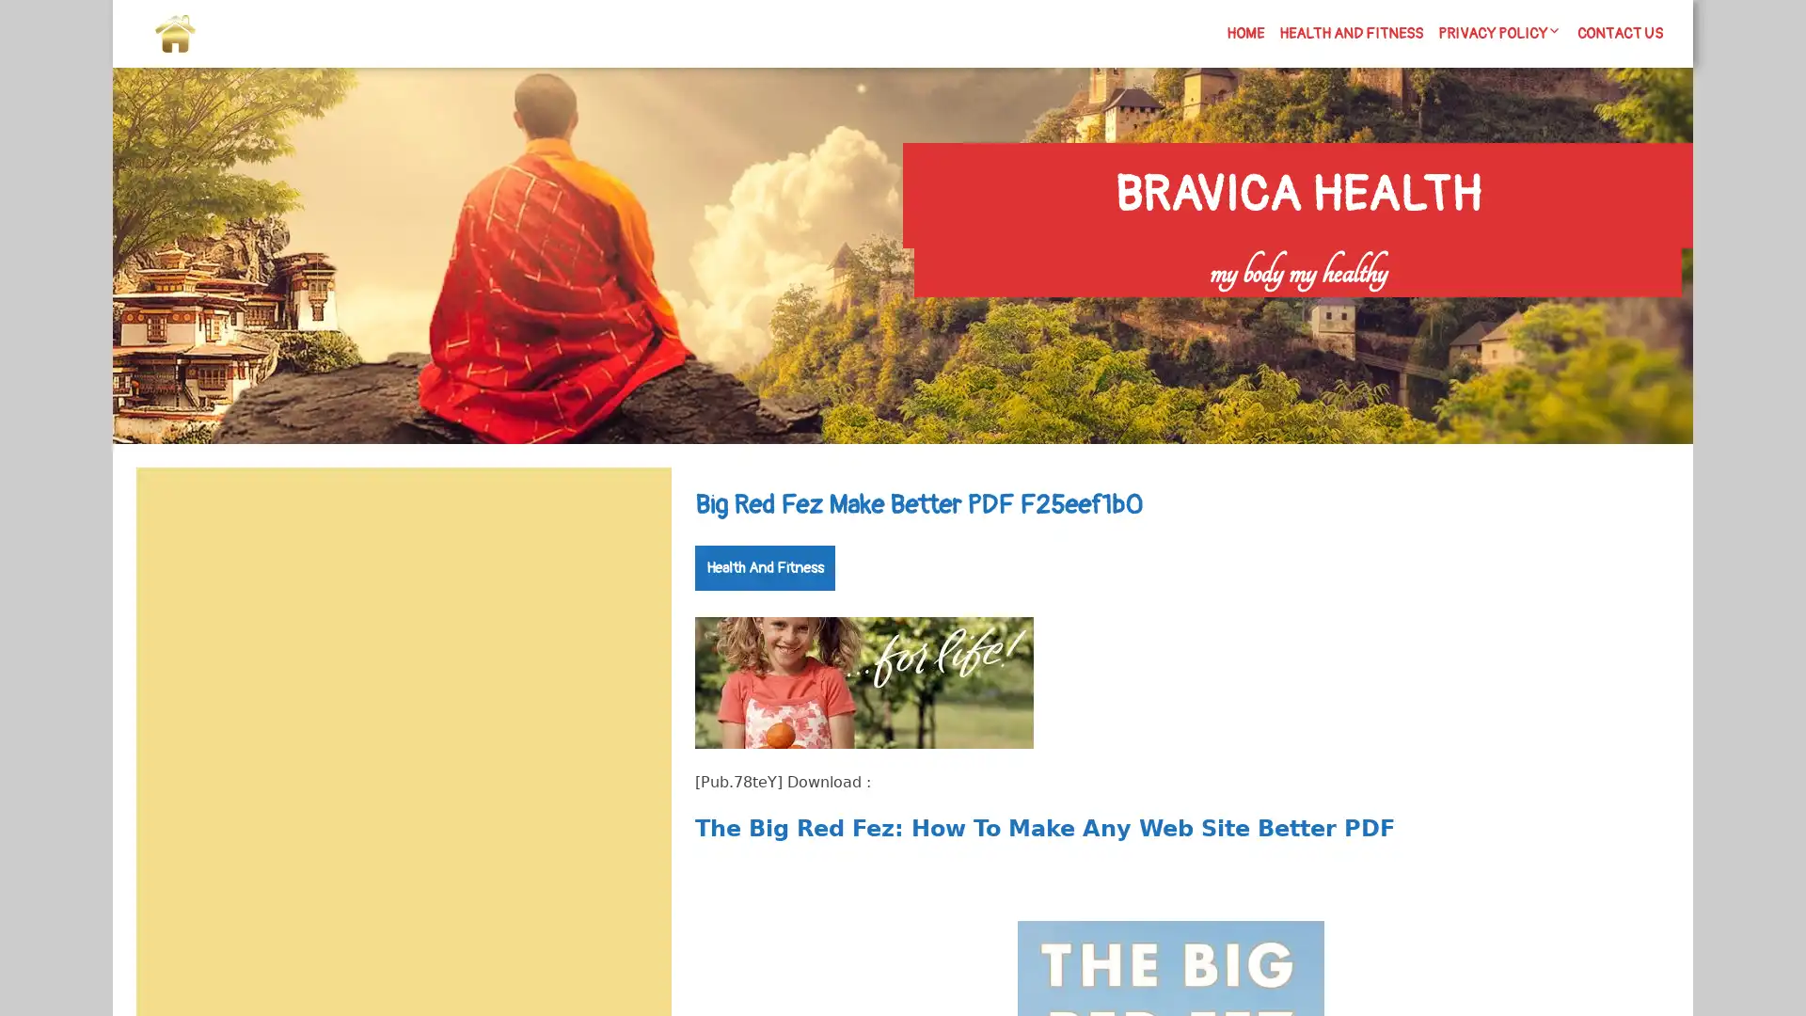 Image resolution: width=1806 pixels, height=1016 pixels. Describe the element at coordinates (1465, 308) in the screenshot. I see `Search` at that location.